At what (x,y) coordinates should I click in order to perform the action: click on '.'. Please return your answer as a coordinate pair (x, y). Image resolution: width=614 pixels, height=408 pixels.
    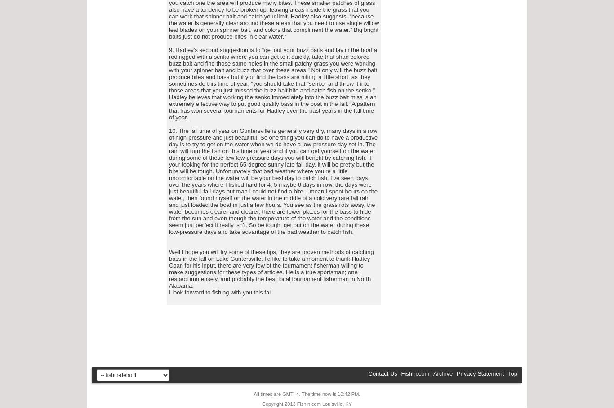
    Looking at the image, I should click on (359, 394).